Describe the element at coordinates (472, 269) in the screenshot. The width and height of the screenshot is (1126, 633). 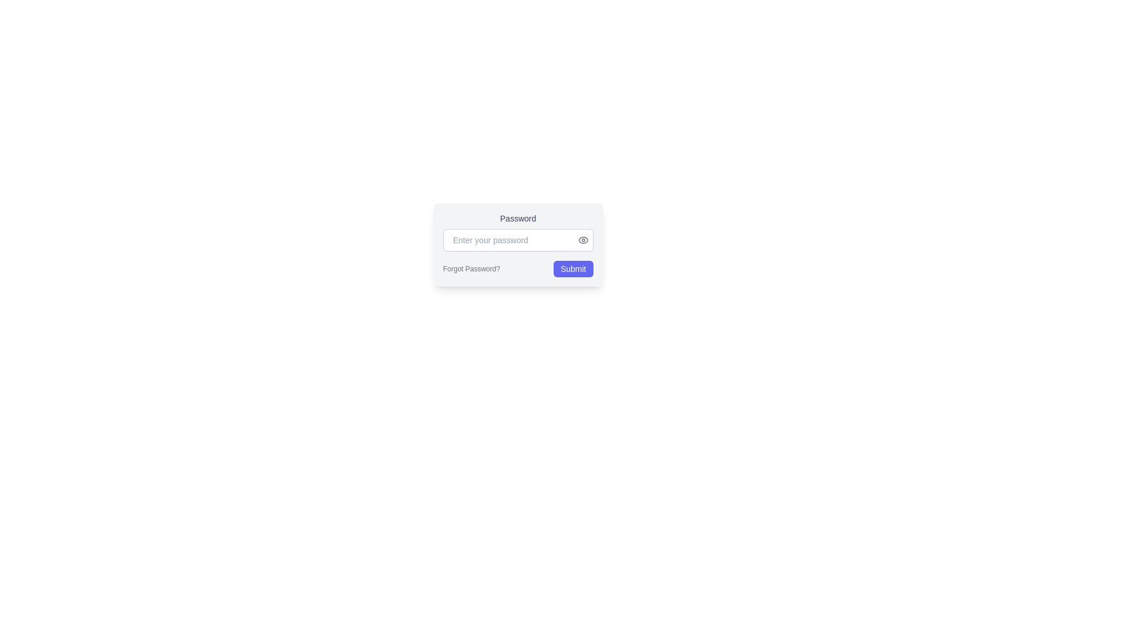
I see `the 'Forgot Password?' button` at that location.